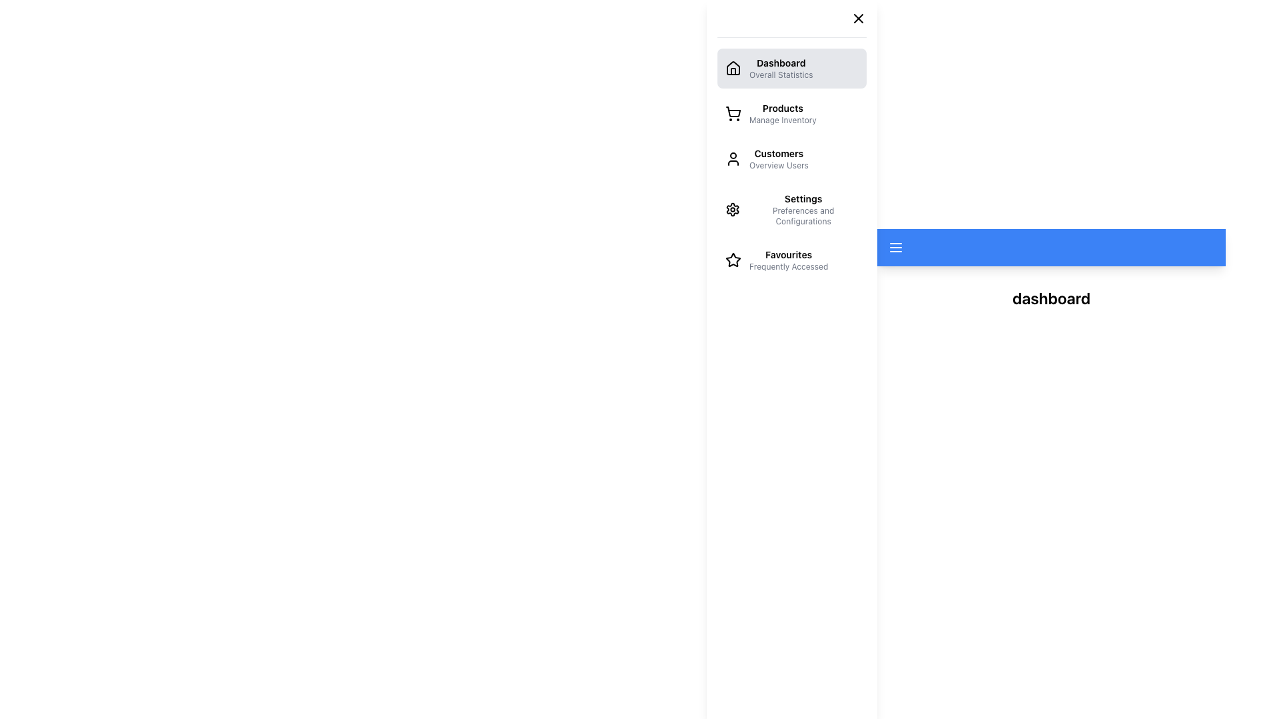 Image resolution: width=1279 pixels, height=719 pixels. Describe the element at coordinates (792, 163) in the screenshot. I see `the highlighted 'Customers' entry in the vertical navigation menu located in the left sidebar` at that location.